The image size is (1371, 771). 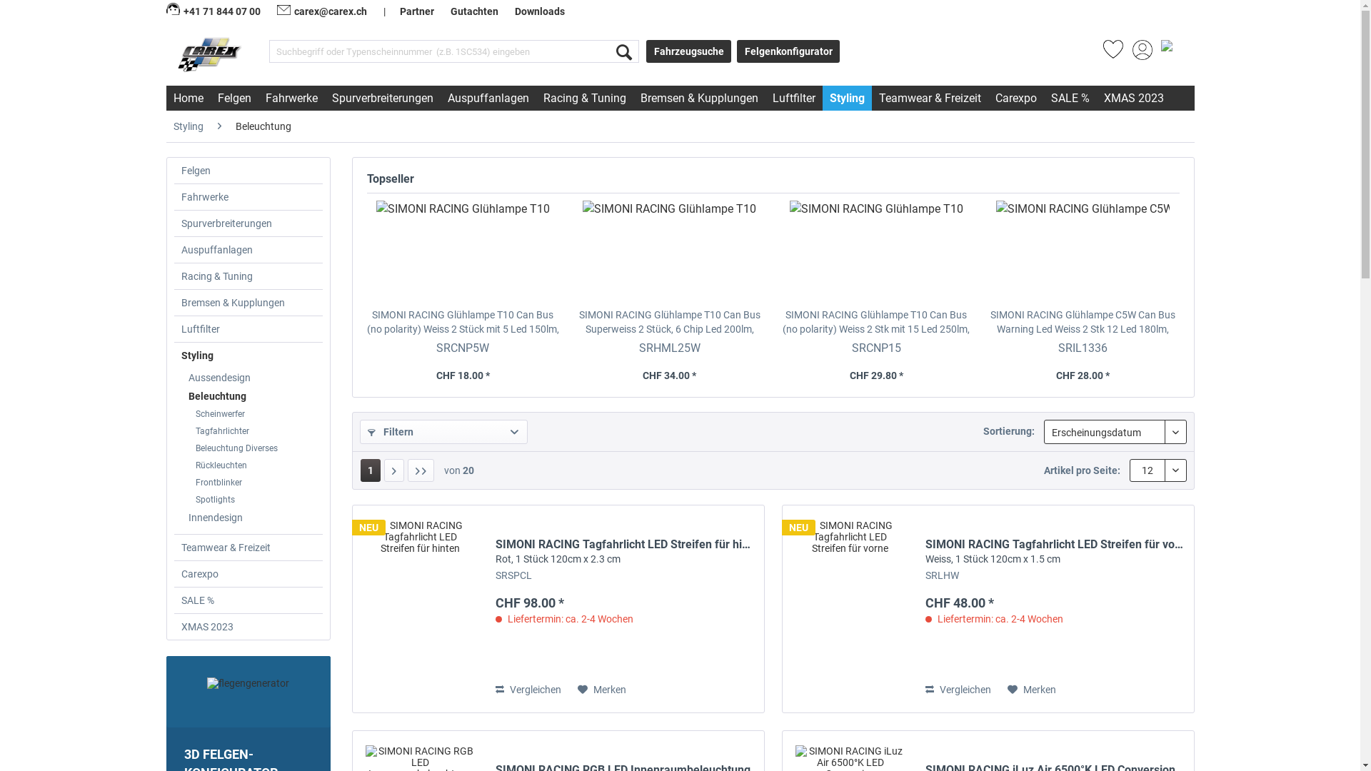 What do you see at coordinates (416, 11) in the screenshot?
I see `'Partner'` at bounding box center [416, 11].